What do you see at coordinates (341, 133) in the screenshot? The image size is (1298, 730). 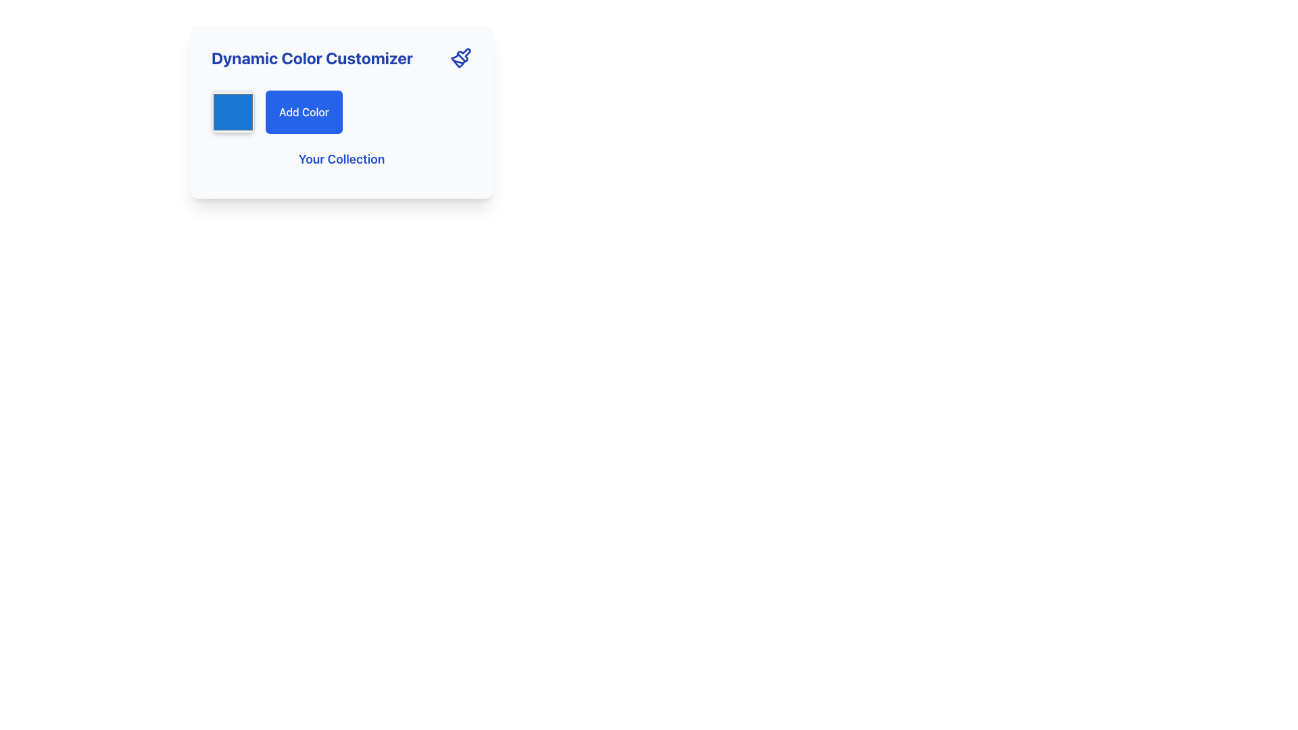 I see `the 'Add Color' button located above 'Your Collection' and next to the left color box within the 'Dynamic Color Customizer' layout` at bounding box center [341, 133].